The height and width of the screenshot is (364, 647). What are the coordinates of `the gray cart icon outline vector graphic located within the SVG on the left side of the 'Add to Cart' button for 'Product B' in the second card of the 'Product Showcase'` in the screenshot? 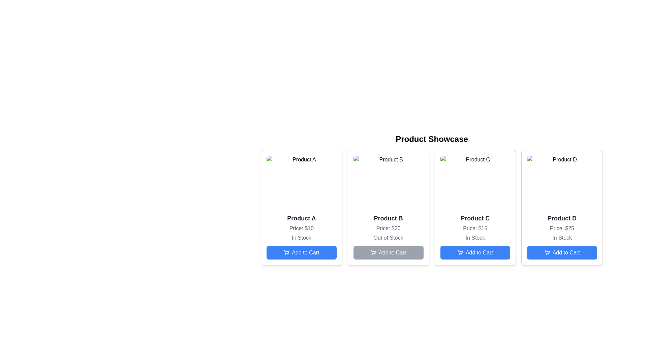 It's located at (373, 252).